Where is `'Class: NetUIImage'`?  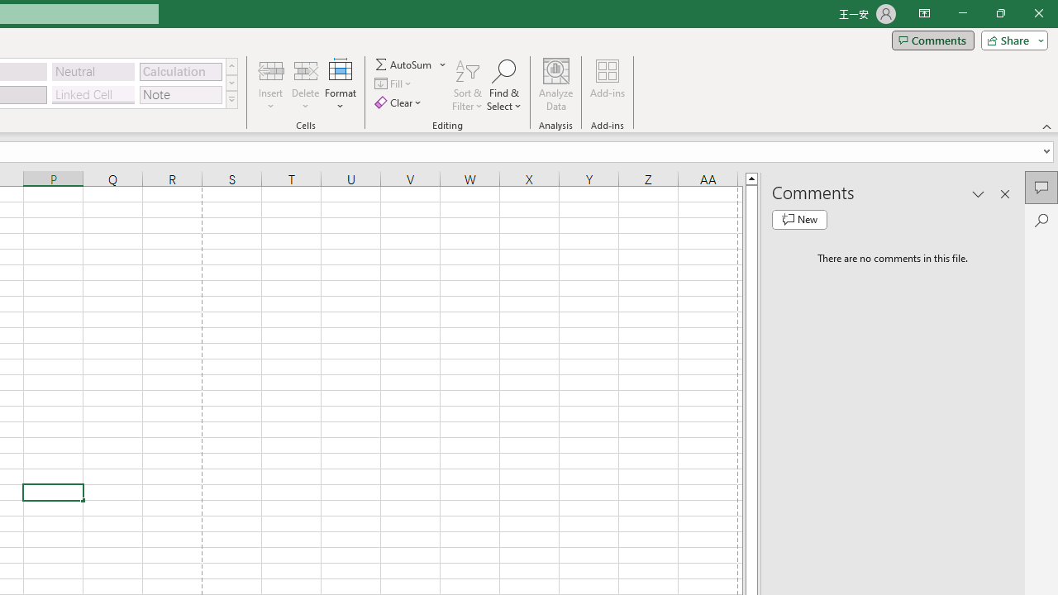
'Class: NetUIImage' is located at coordinates (231, 99).